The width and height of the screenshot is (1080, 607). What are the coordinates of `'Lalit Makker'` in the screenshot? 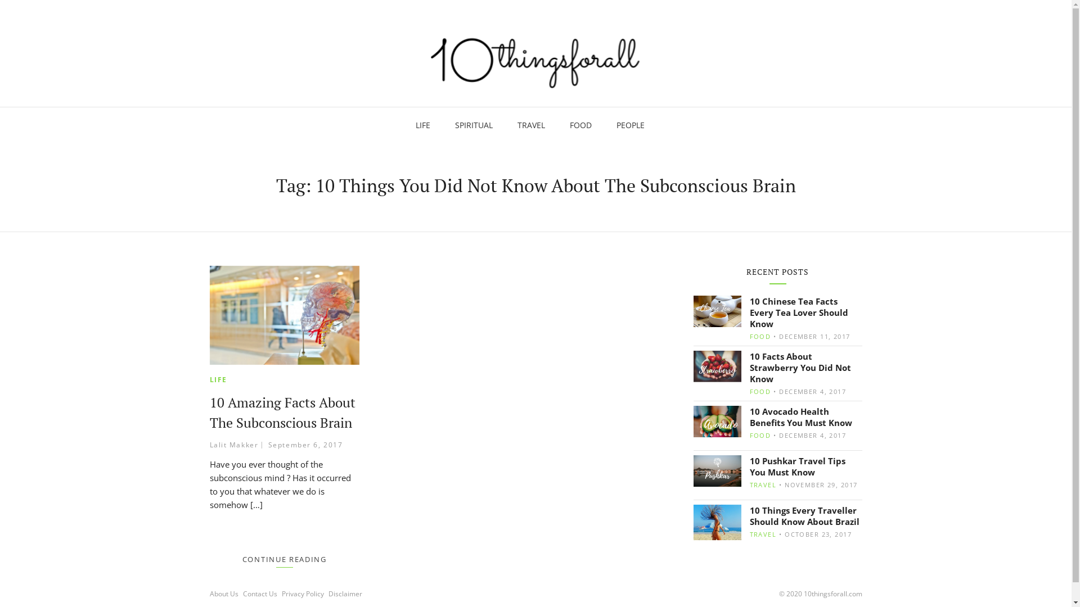 It's located at (233, 444).